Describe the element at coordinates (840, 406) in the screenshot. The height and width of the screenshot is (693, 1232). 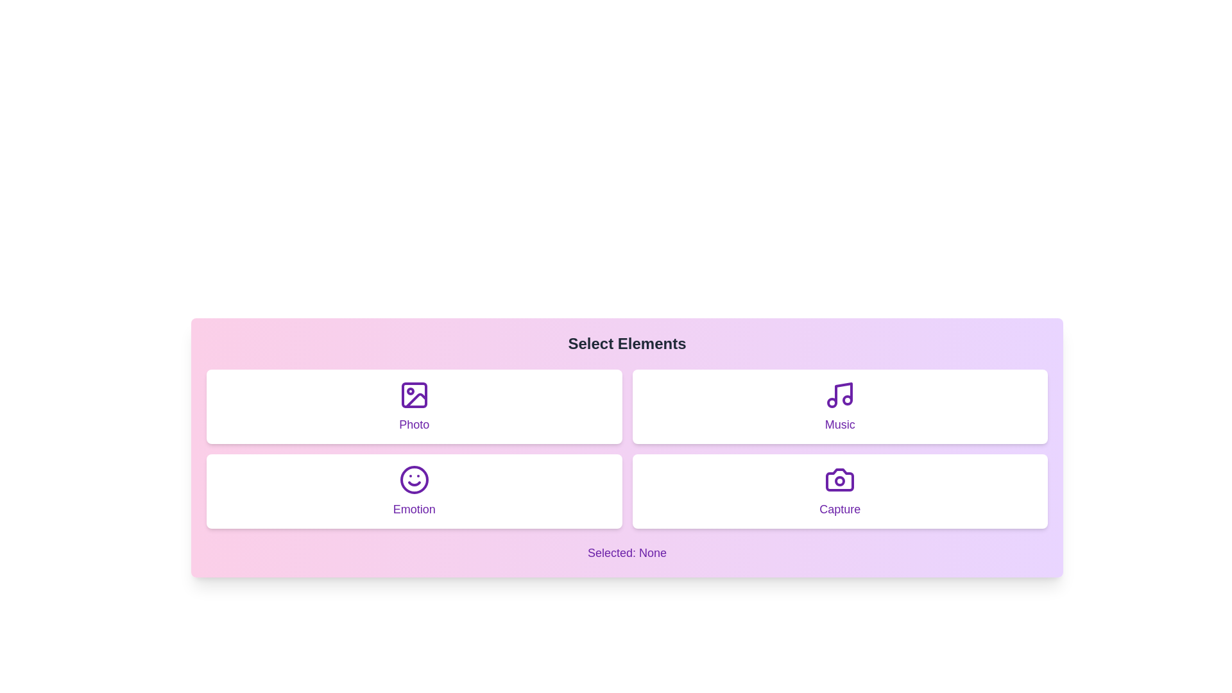
I see `the element labeled Music` at that location.